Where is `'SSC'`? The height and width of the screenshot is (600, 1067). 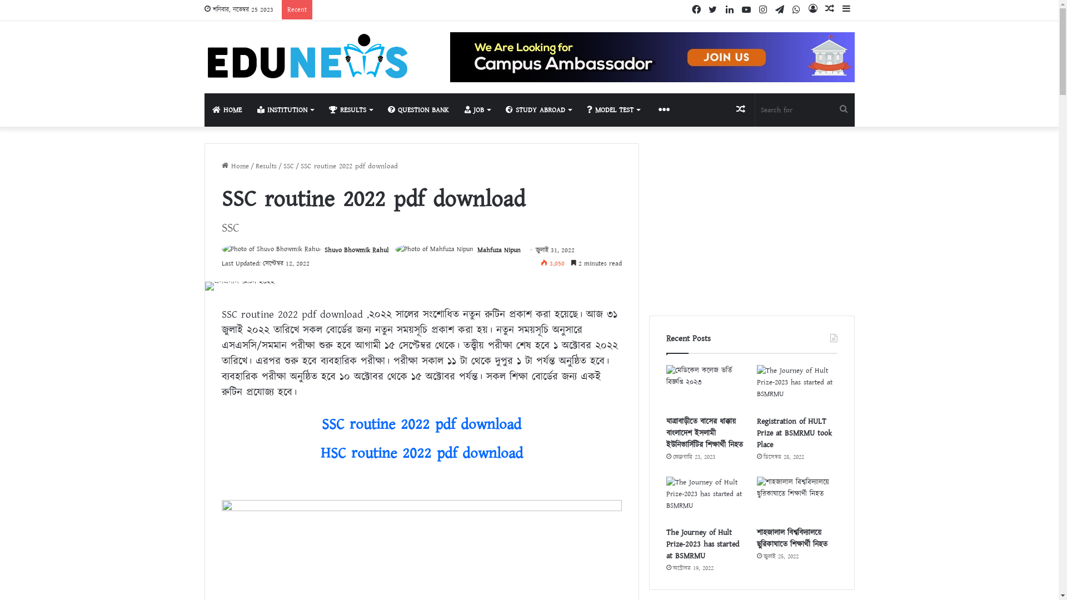
'SSC' is located at coordinates (288, 166).